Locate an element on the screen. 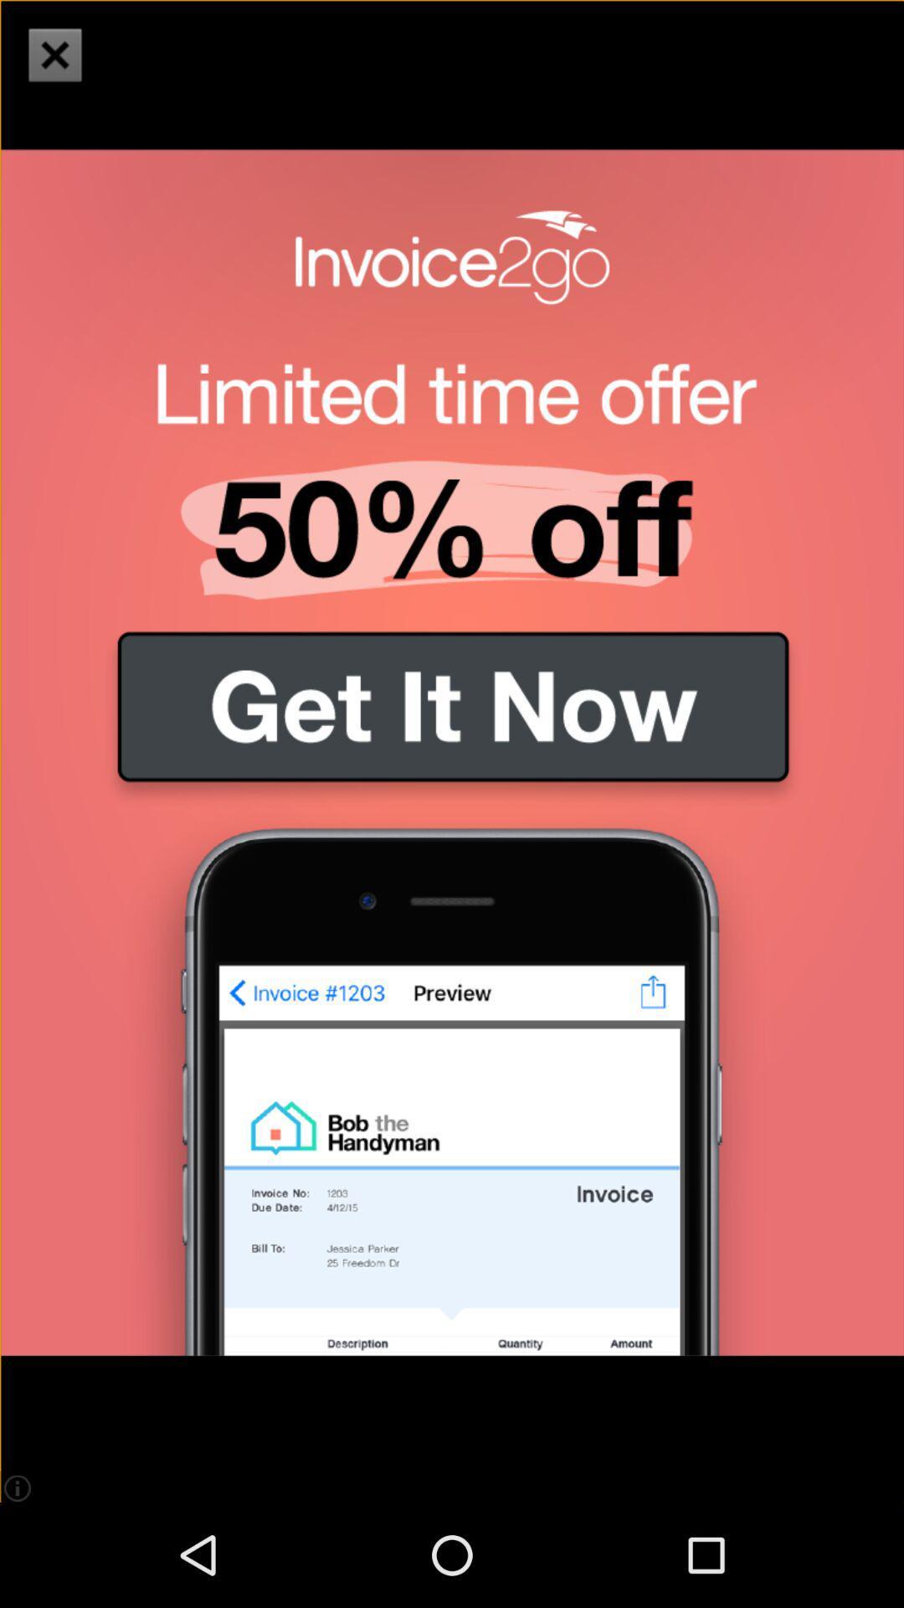 The height and width of the screenshot is (1608, 904). the close icon is located at coordinates (54, 59).